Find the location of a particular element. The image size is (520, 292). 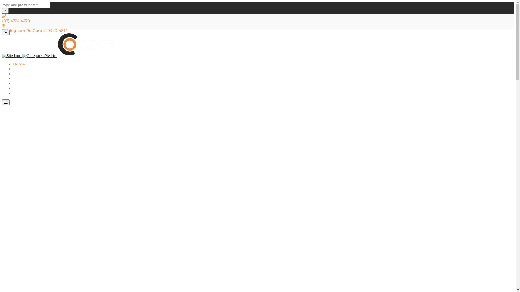

'Extended Life Brakes' is located at coordinates (33, 74).